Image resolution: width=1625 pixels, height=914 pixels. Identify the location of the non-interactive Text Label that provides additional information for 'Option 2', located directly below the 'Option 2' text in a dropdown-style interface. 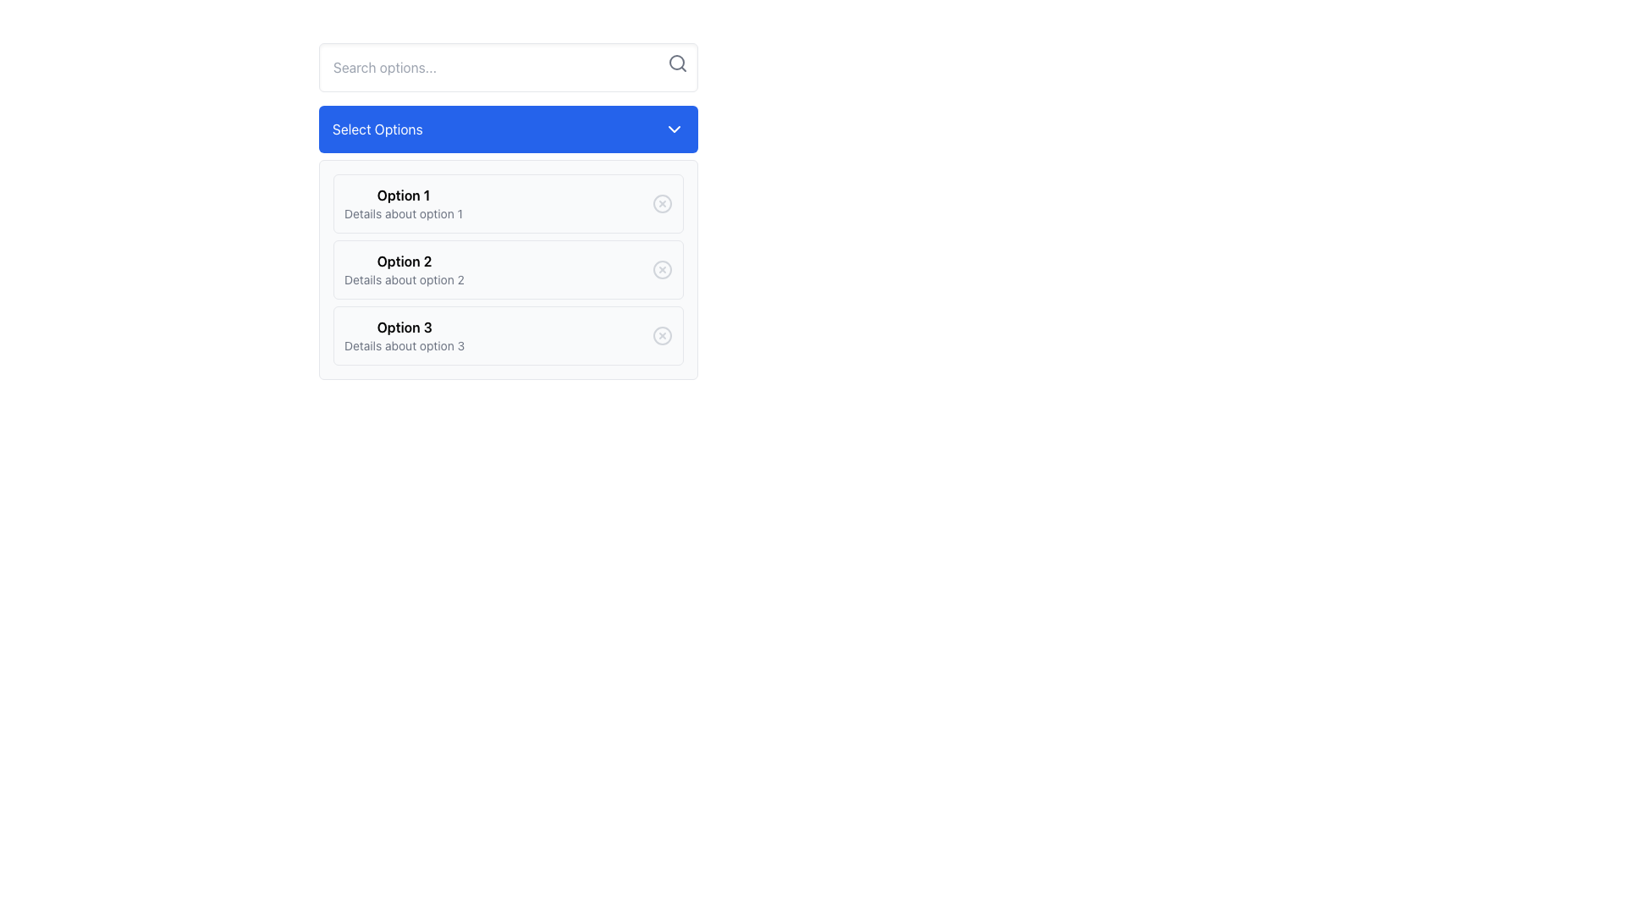
(403, 279).